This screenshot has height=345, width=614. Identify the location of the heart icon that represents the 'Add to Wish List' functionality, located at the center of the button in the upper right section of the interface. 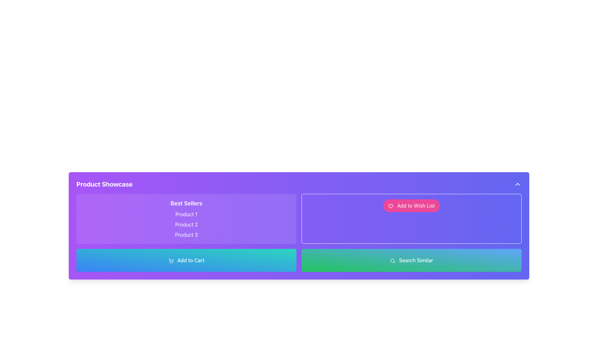
(390, 206).